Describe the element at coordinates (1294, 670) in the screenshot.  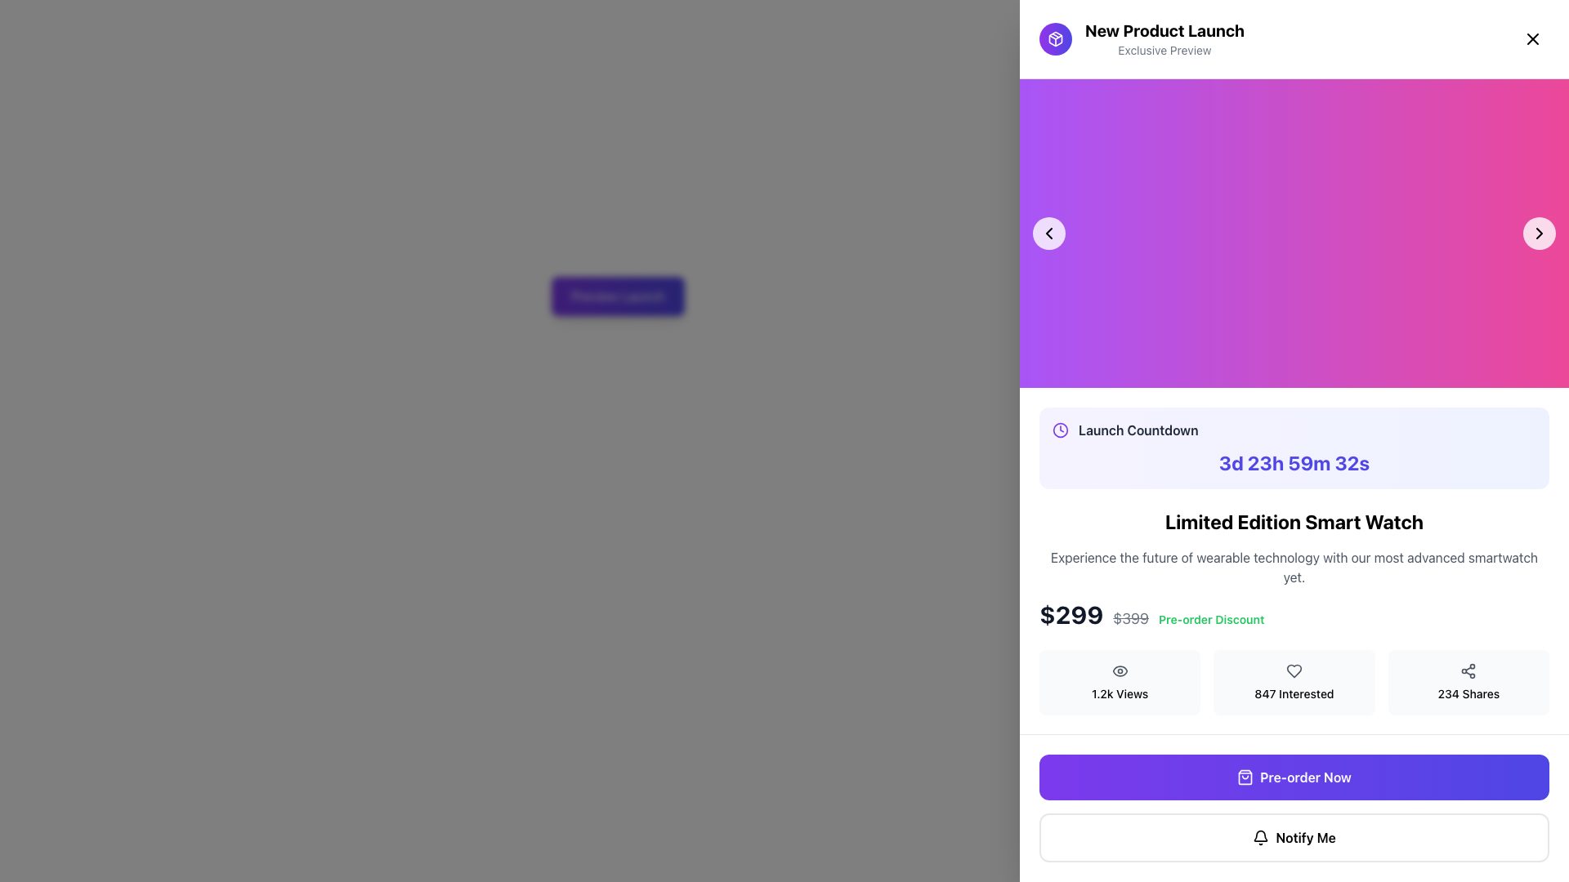
I see `the heart-shaped icon, which is the middle icon in a group of three icons located above the text '847 Interested'` at that location.